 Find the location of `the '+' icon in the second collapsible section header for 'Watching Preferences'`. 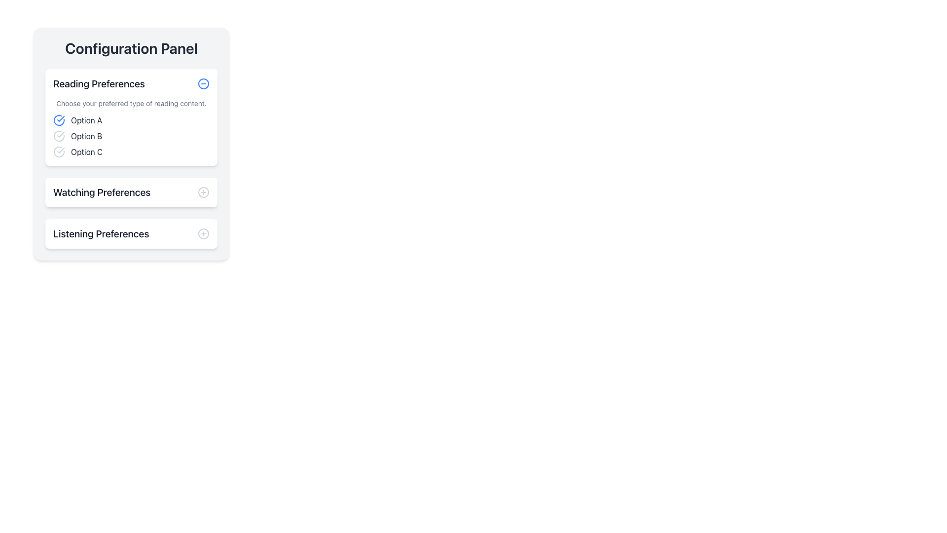

the '+' icon in the second collapsible section header for 'Watching Preferences' is located at coordinates (131, 192).